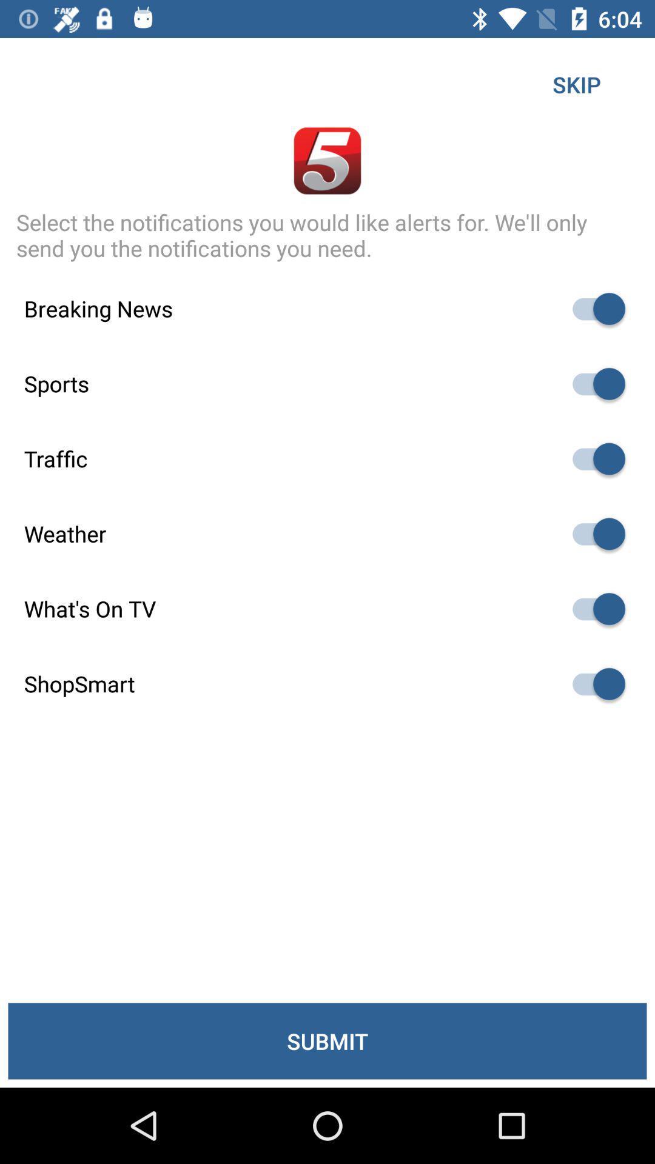  I want to click on submit icon, so click(327, 1040).